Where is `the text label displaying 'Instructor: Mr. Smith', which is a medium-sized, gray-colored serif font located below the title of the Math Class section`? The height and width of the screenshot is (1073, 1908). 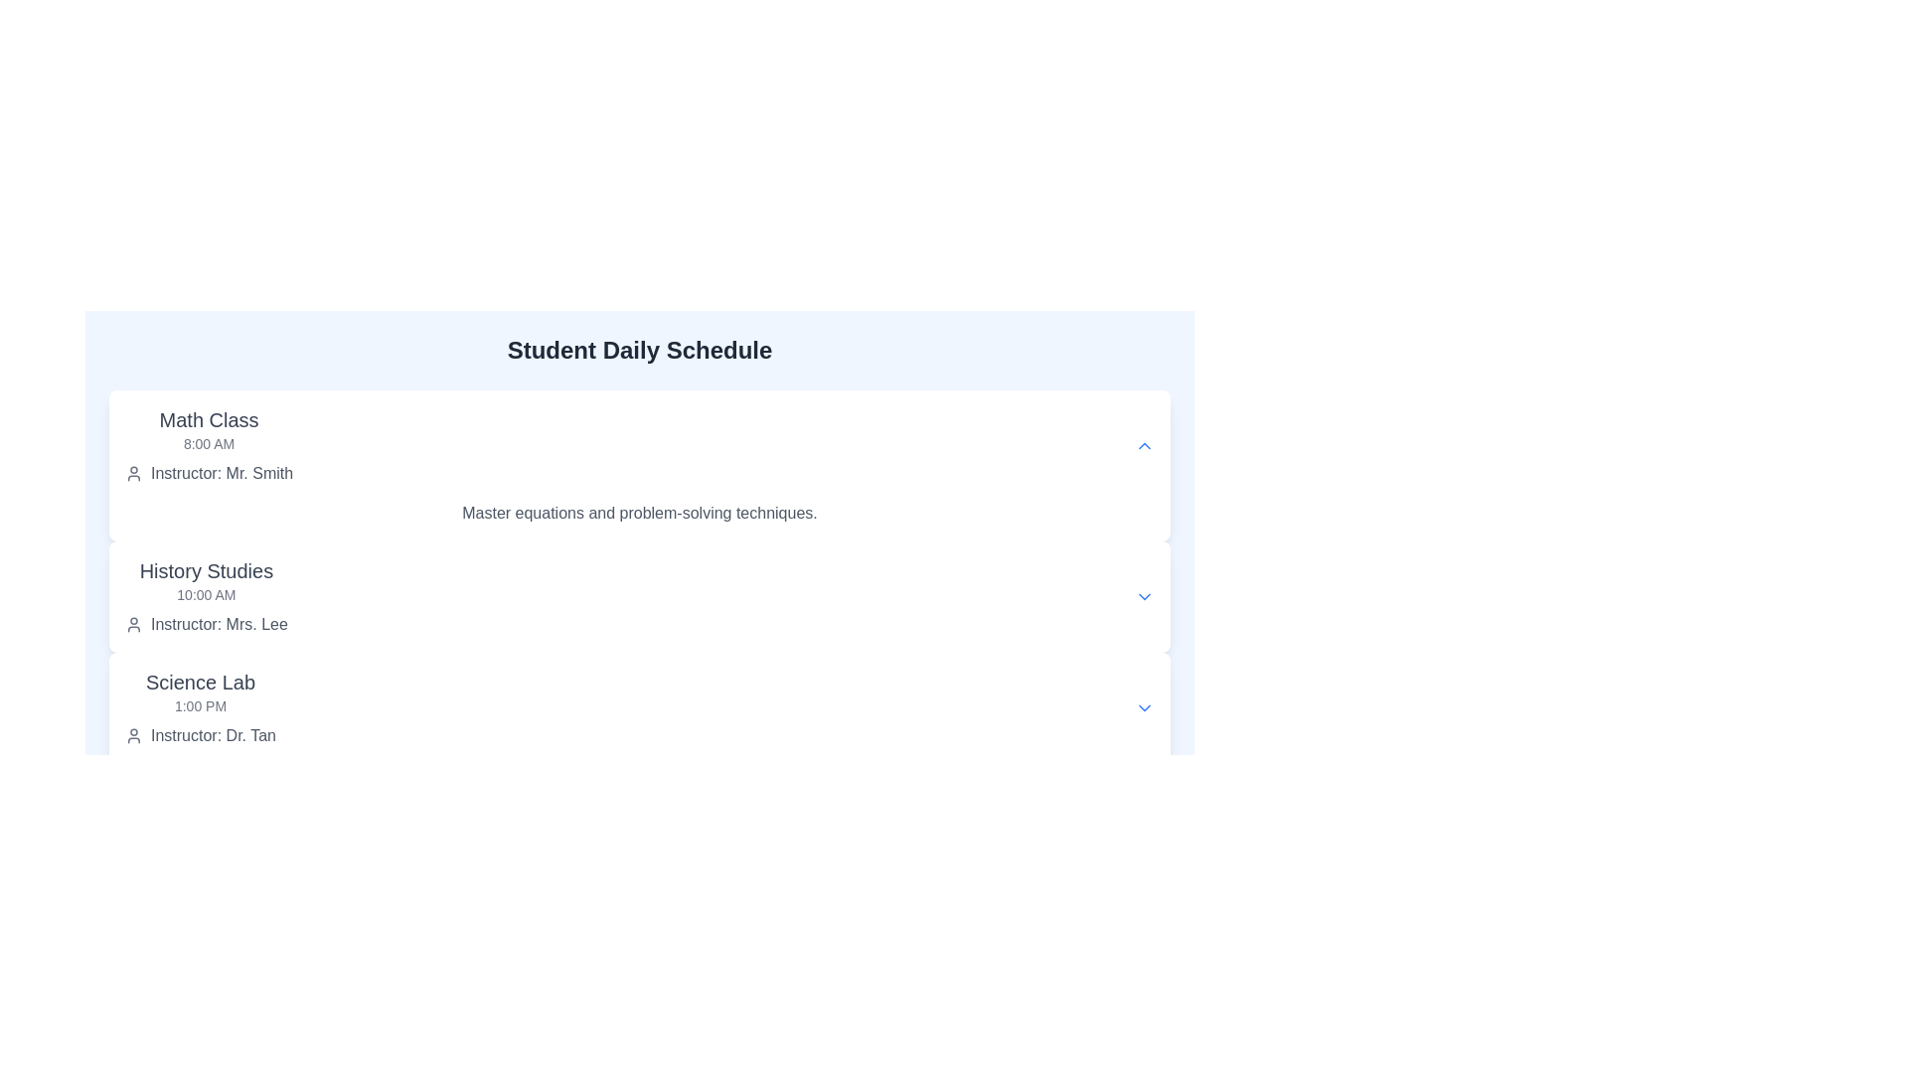 the text label displaying 'Instructor: Mr. Smith', which is a medium-sized, gray-colored serif font located below the title of the Math Class section is located at coordinates (222, 474).